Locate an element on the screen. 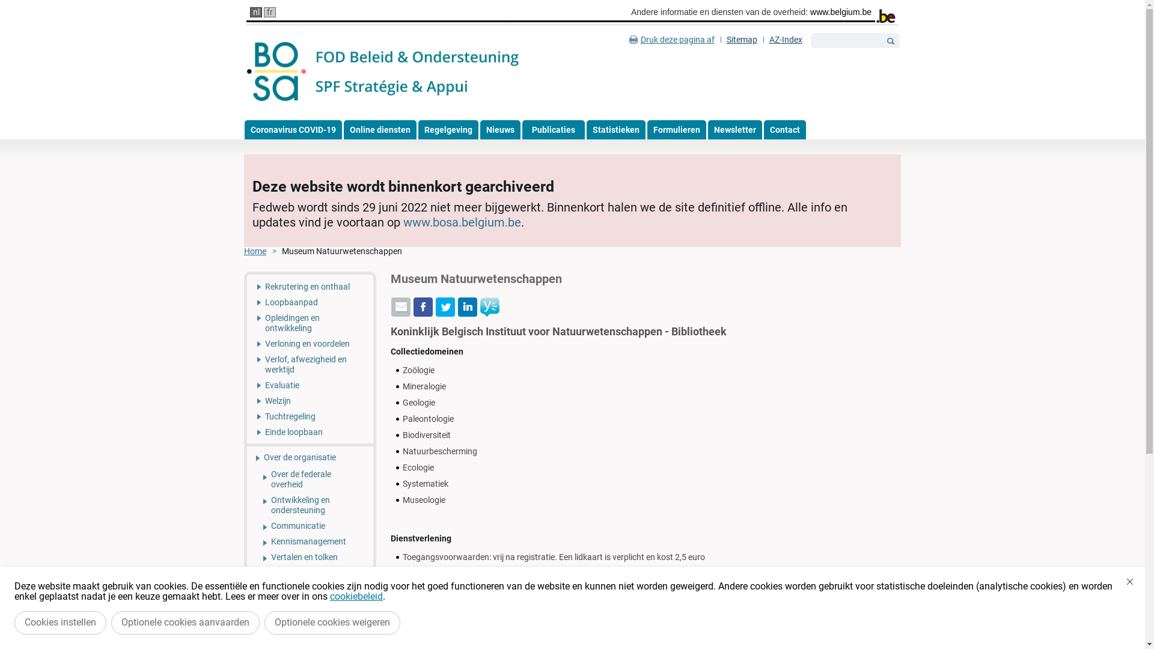 The width and height of the screenshot is (1154, 649). 'Over de federale overheid' is located at coordinates (310, 478).